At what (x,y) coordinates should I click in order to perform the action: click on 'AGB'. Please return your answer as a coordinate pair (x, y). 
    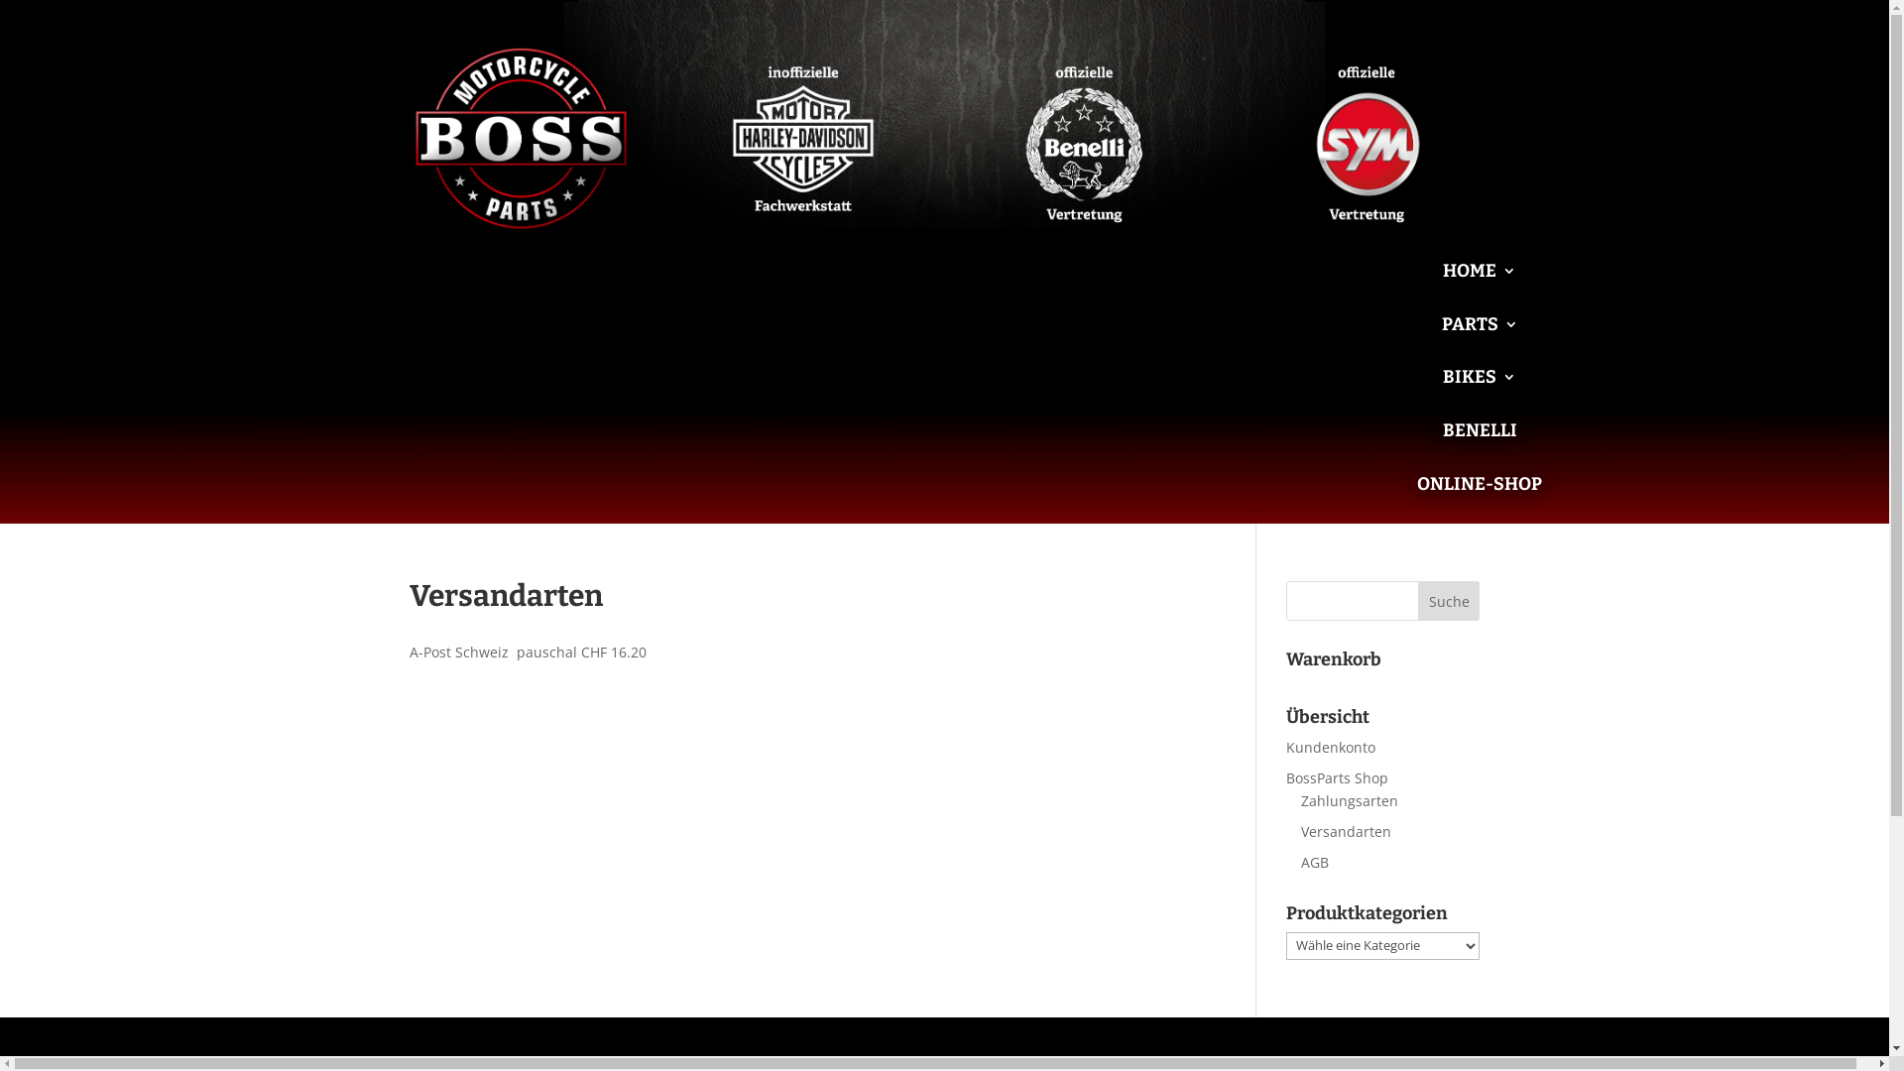
    Looking at the image, I should click on (1314, 861).